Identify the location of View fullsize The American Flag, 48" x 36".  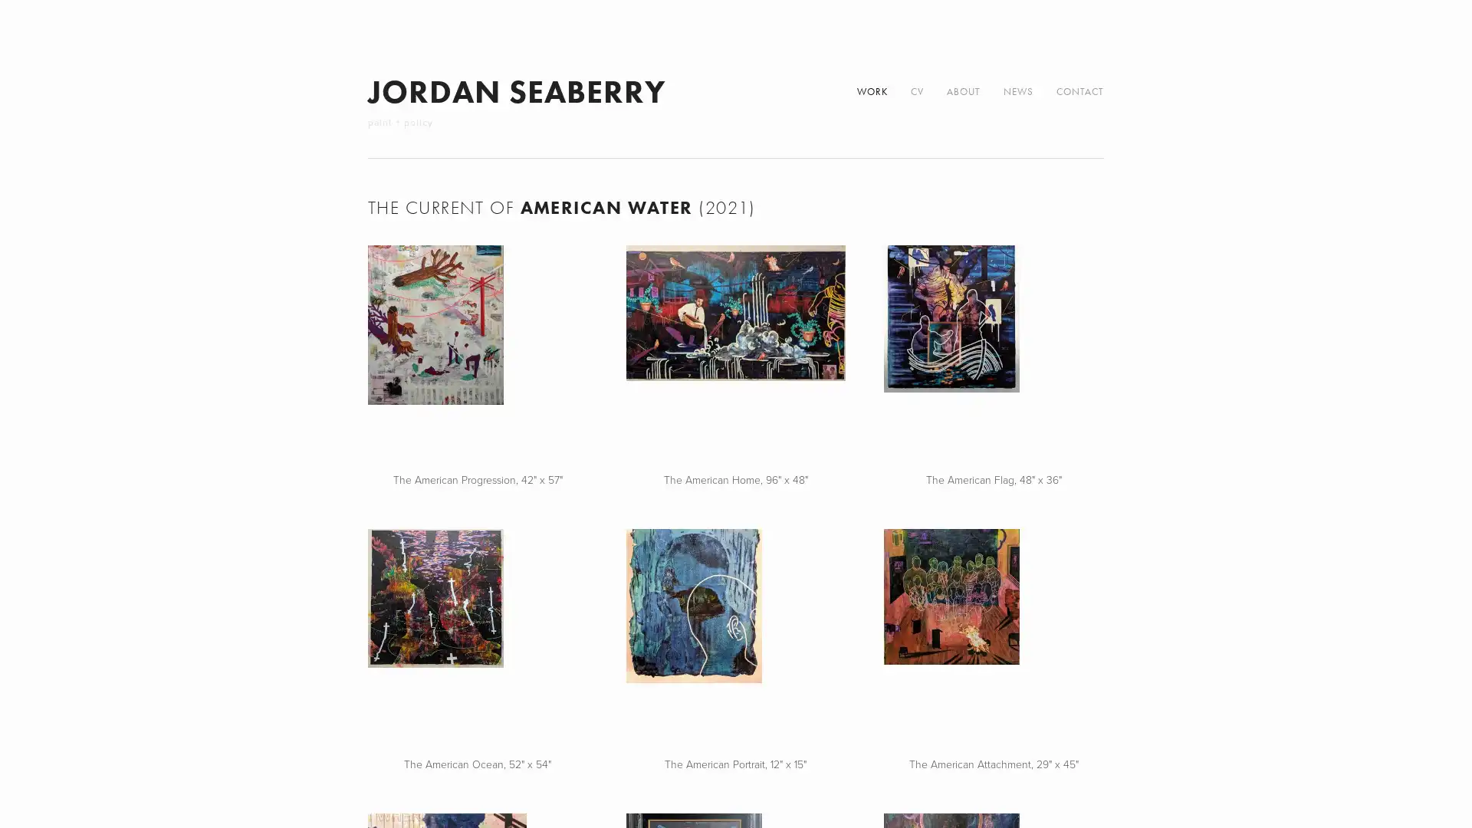
(994, 354).